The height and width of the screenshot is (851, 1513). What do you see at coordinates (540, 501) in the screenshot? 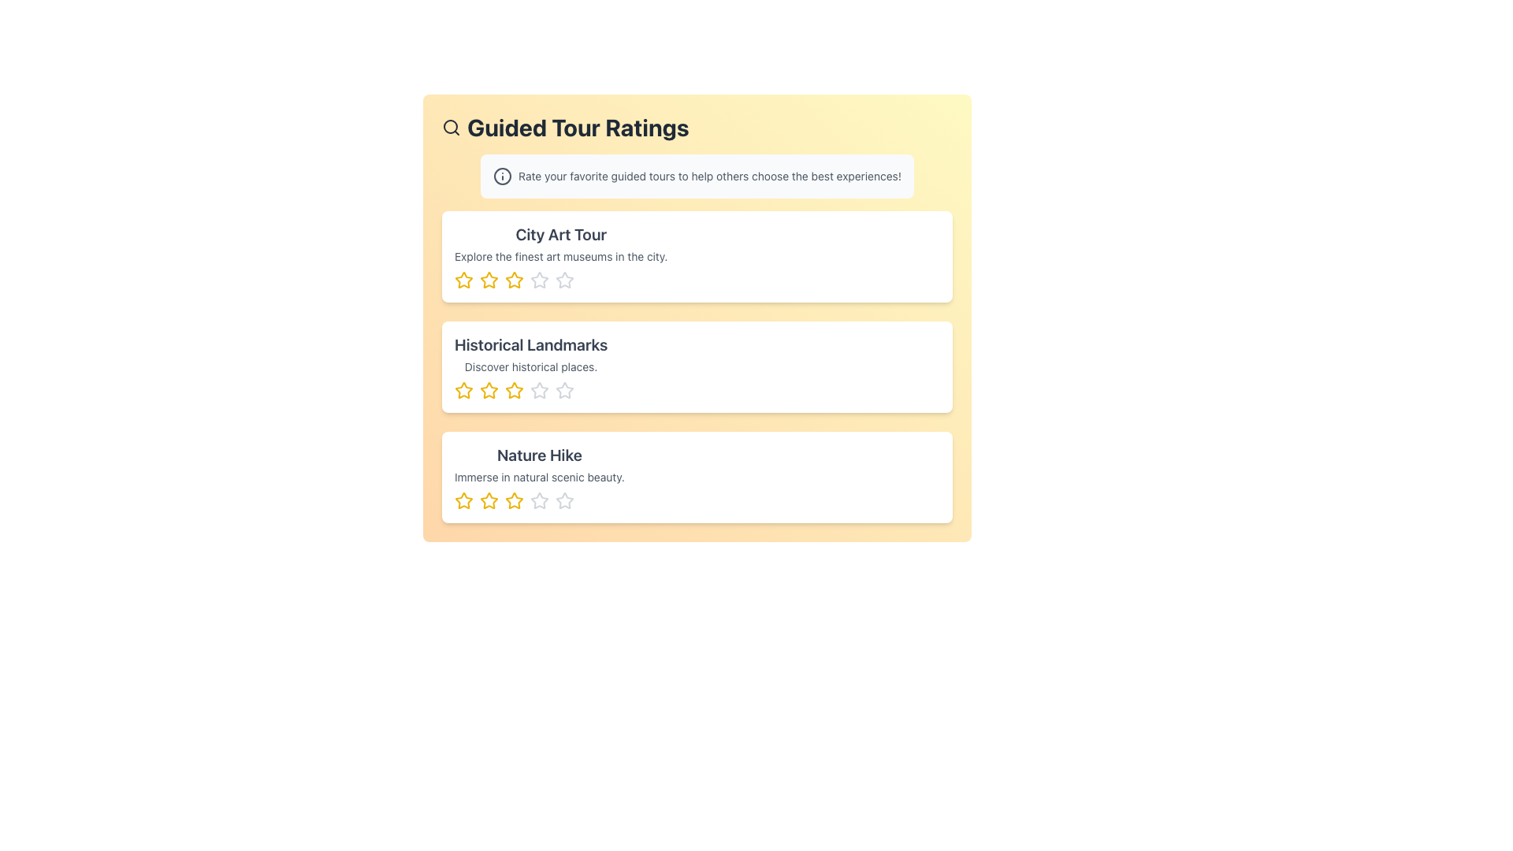
I see `the fourth Rating Star icon button to provide a rating for the 'Nature Hike' entry` at bounding box center [540, 501].